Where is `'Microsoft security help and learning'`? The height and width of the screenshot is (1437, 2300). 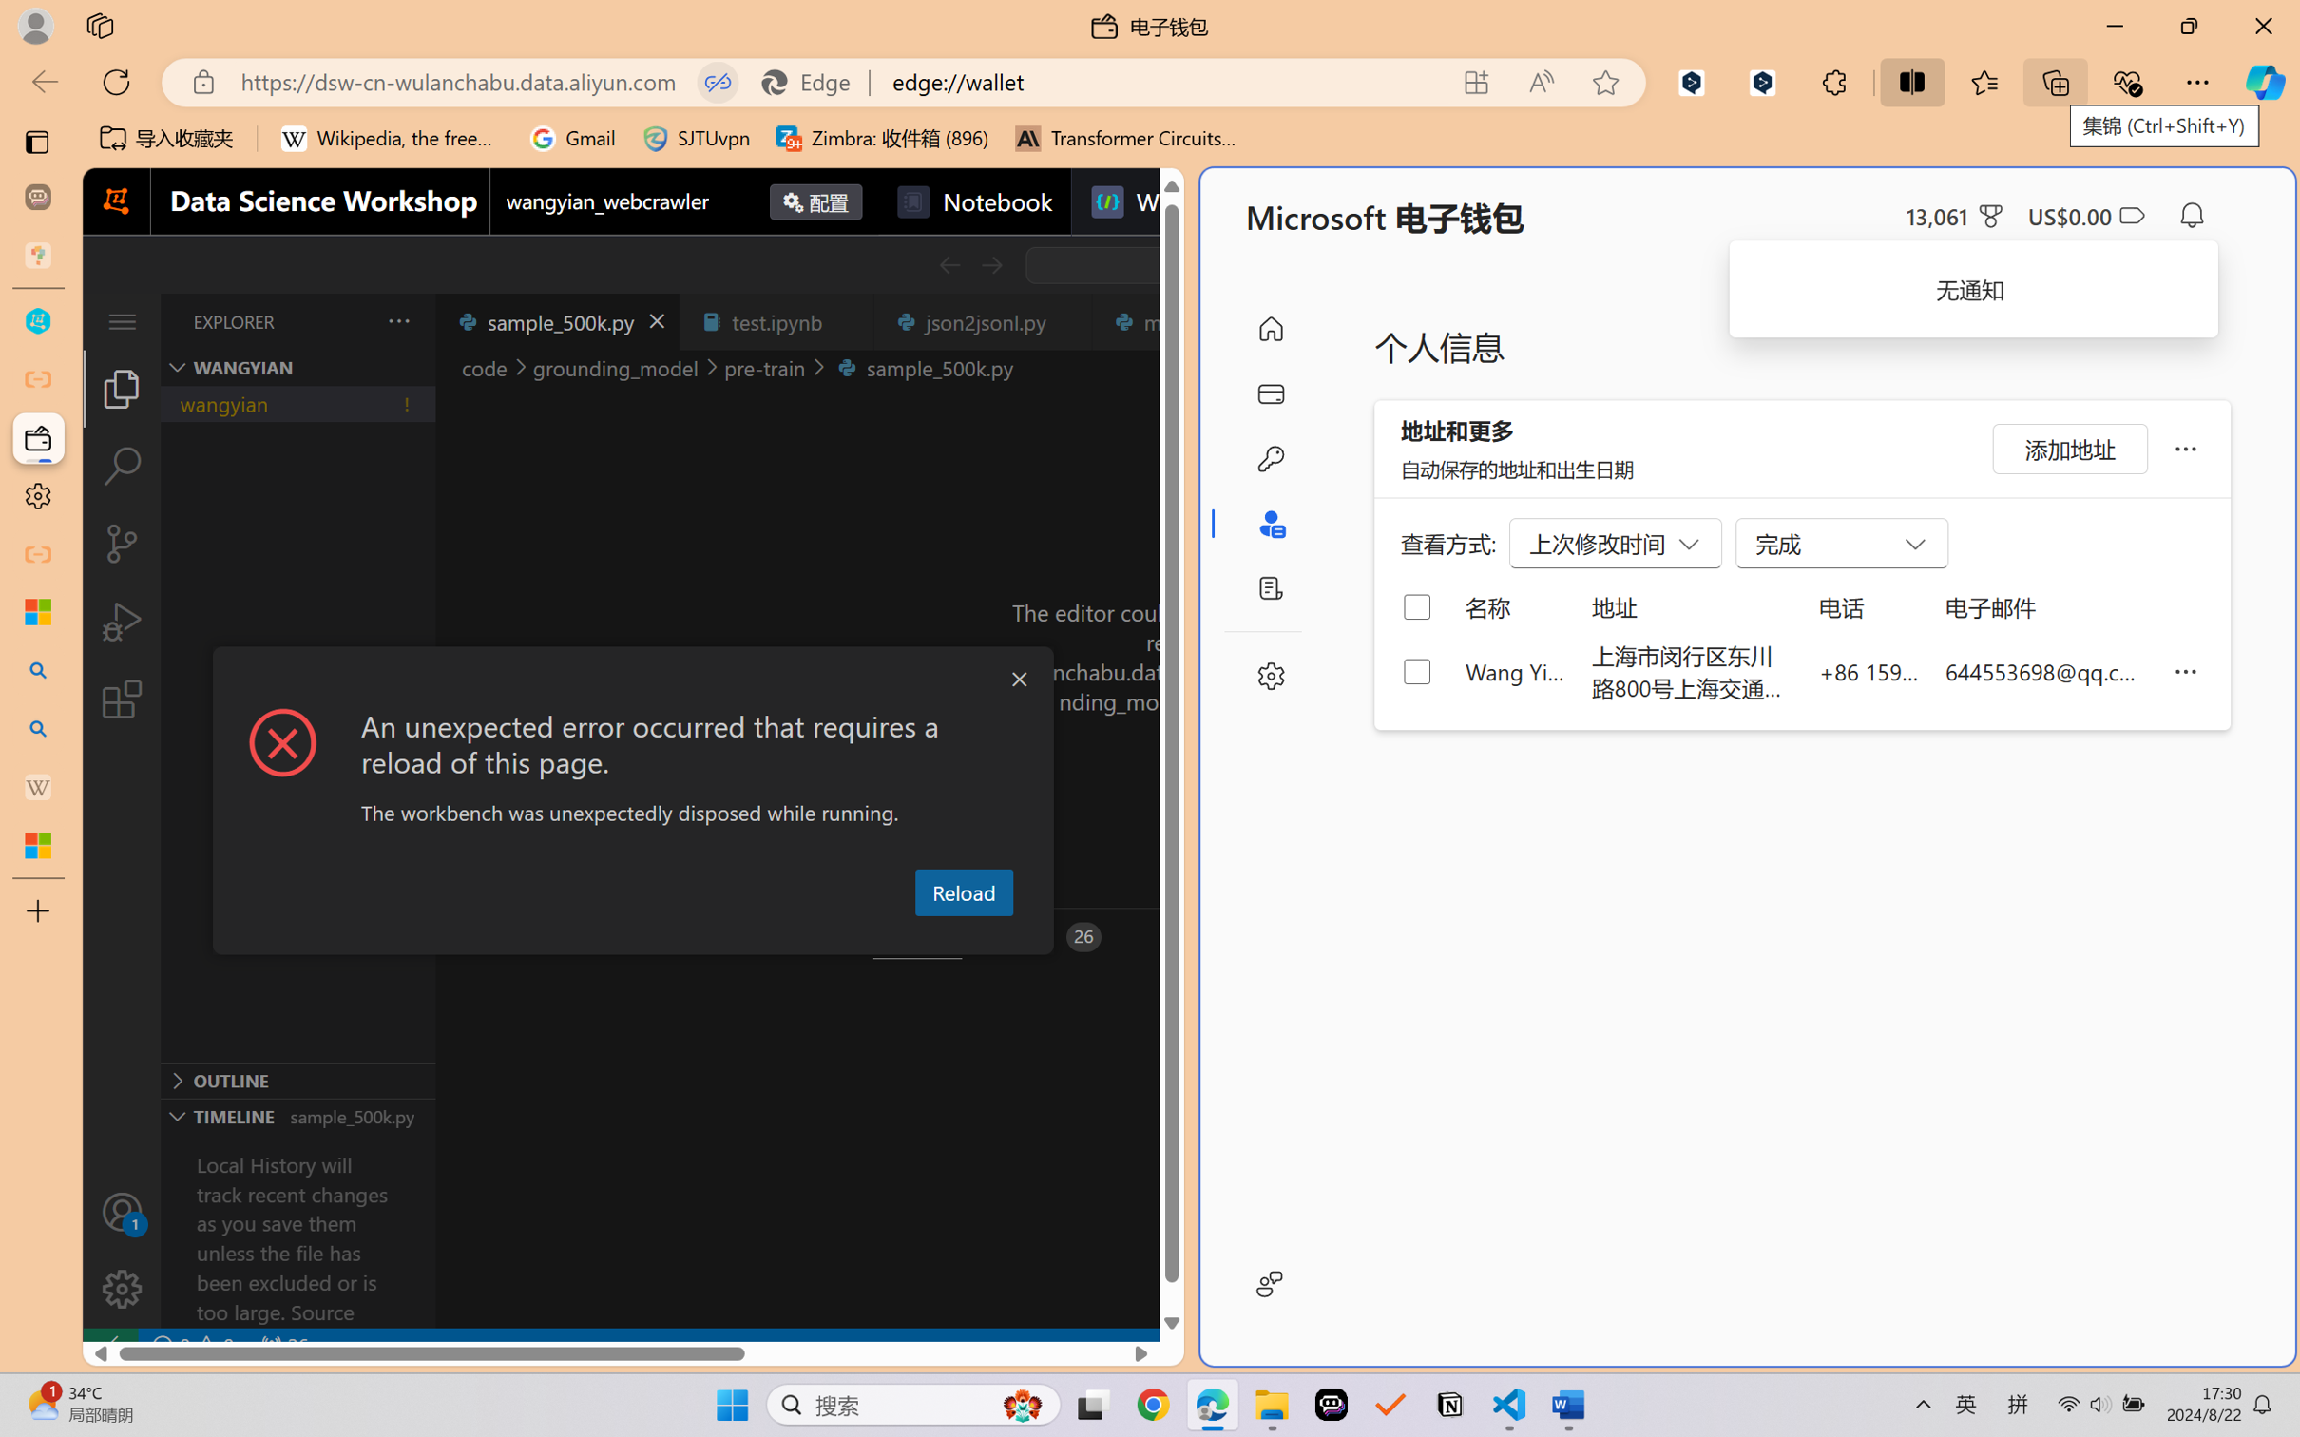
'Microsoft security help and learning' is located at coordinates (37, 611).